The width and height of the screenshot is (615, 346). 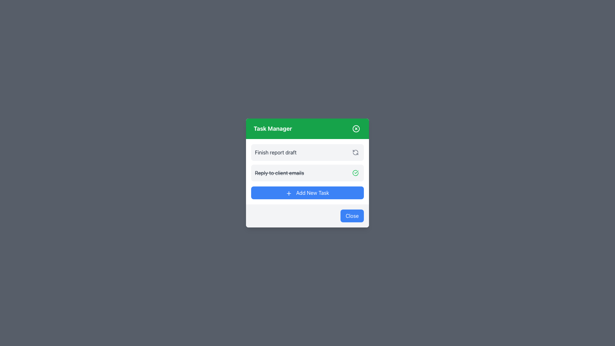 What do you see at coordinates (279, 173) in the screenshot?
I see `the text label that reads 'Reply to client emails' within the 'Task Manager' pop-up interface, located in the second row below the 'Finish report draft' text field` at bounding box center [279, 173].